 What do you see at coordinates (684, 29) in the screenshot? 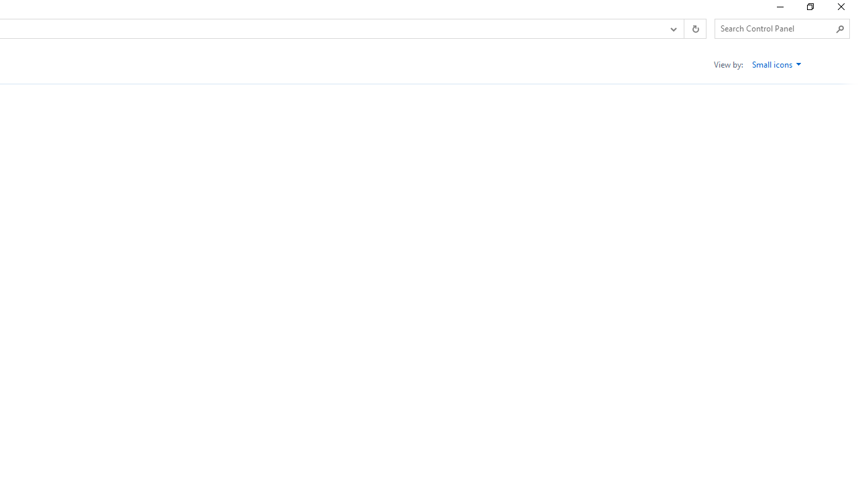
I see `'Address band toolbar'` at bounding box center [684, 29].